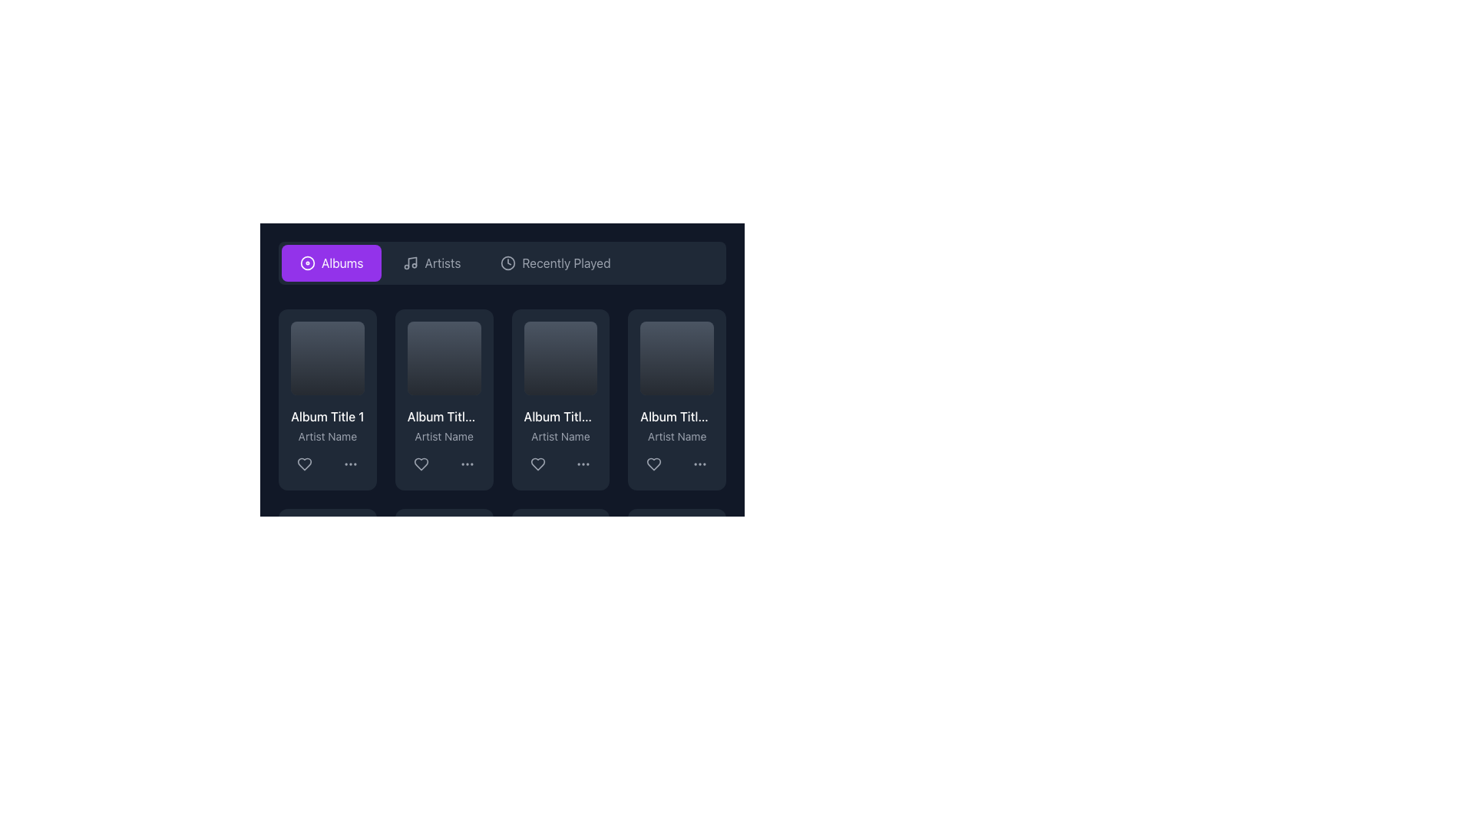 Image resolution: width=1474 pixels, height=829 pixels. I want to click on the second text label displaying the album title, so click(443, 416).